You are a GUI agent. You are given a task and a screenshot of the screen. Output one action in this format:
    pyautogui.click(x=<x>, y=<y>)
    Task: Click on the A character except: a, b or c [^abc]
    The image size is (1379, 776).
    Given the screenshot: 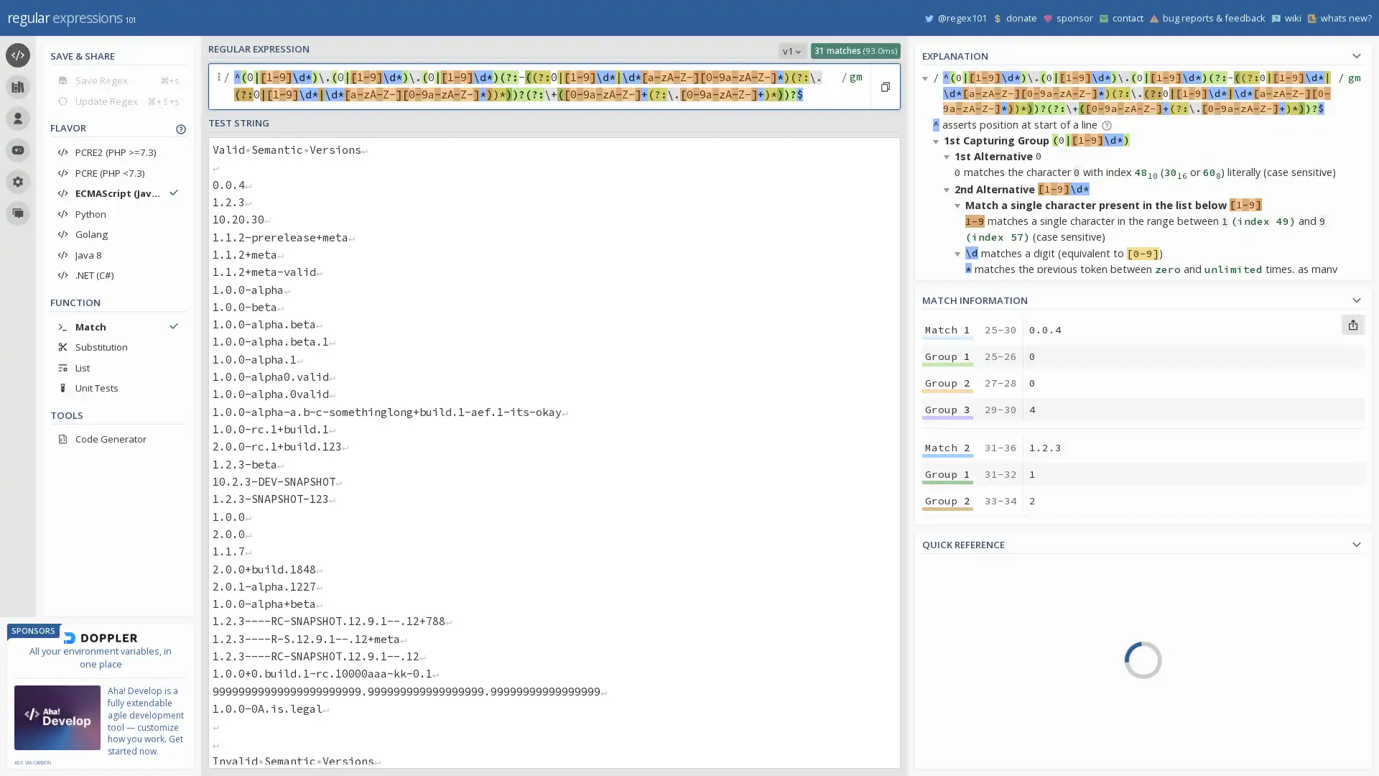 What is the action you would take?
    pyautogui.click(x=1215, y=589)
    